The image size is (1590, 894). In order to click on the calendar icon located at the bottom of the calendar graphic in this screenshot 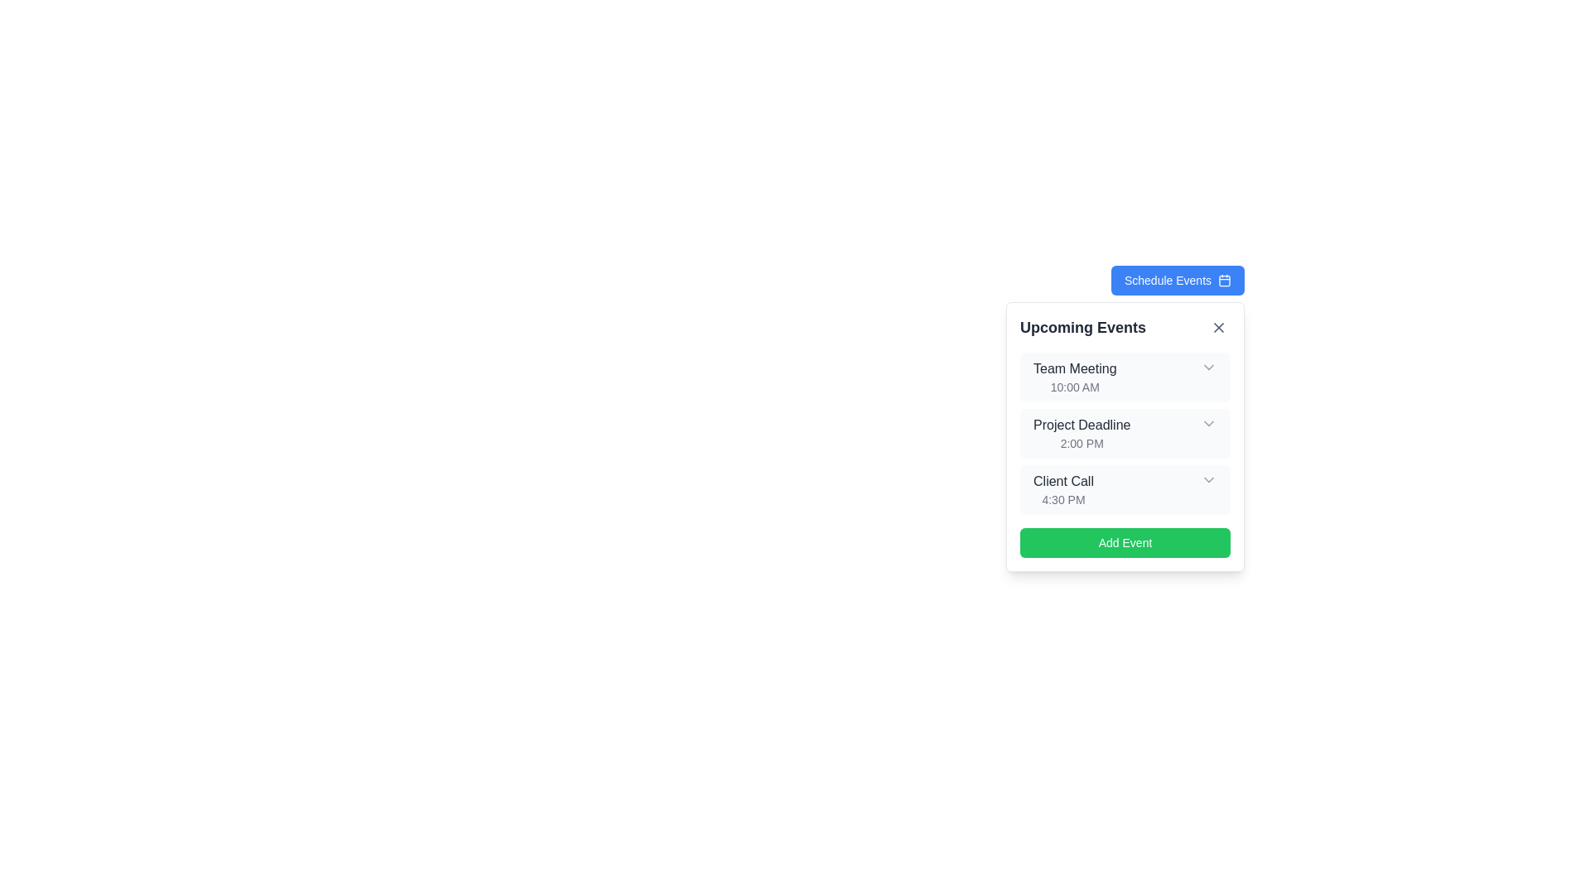, I will do `click(1224, 280)`.